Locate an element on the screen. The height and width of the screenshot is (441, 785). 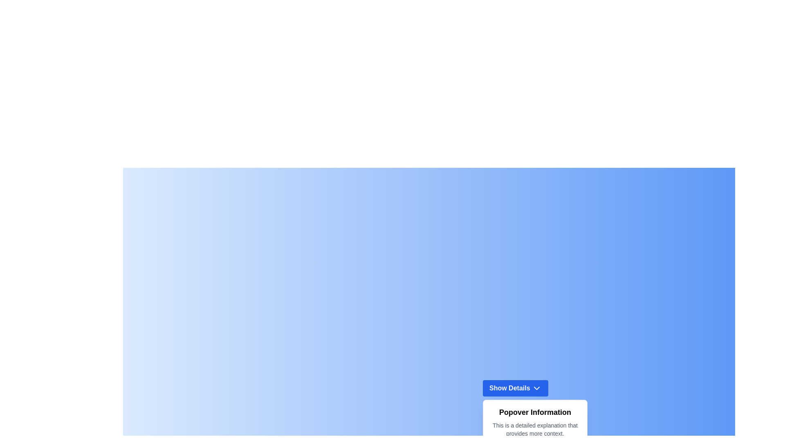
the chevron icon located on the right side of the 'Show Details' button, which reveals additional information when clicked is located at coordinates (537, 388).